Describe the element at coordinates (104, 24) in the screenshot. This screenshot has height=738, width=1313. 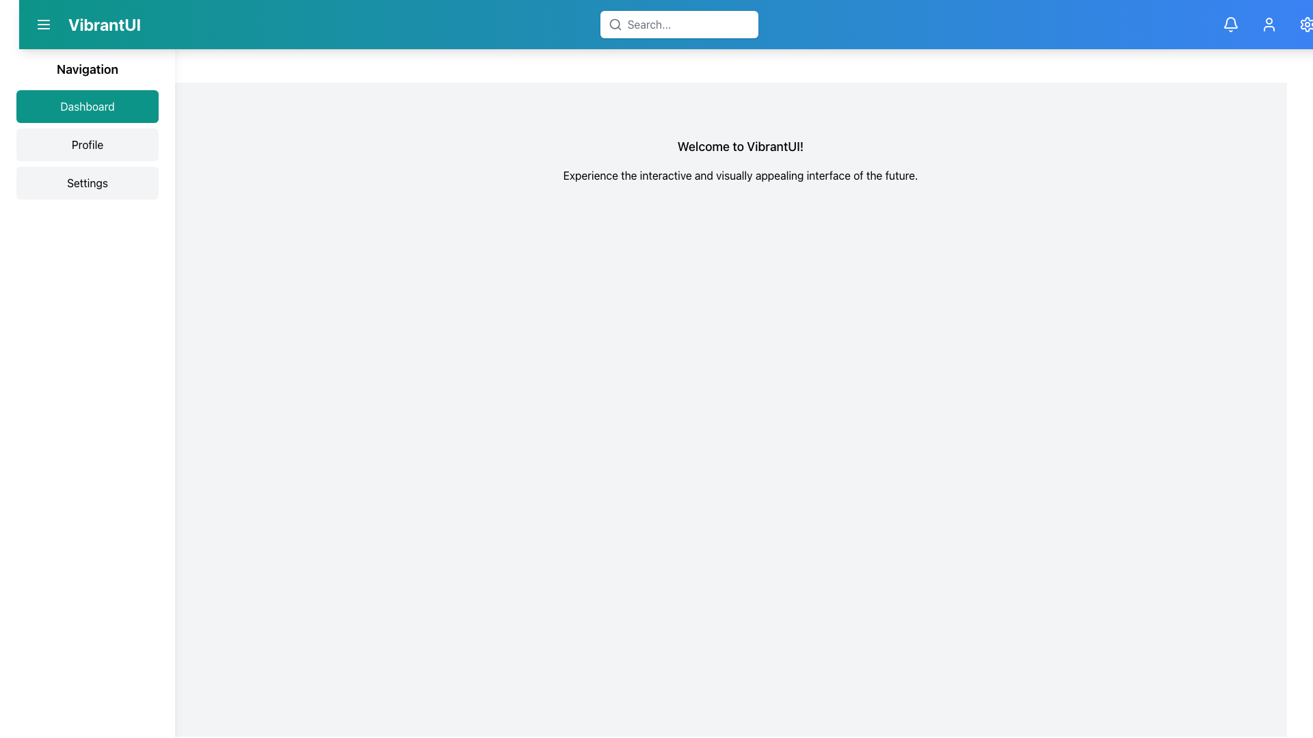
I see `the bold text 'VibrantUI' located in the teal-colored header bar at the top left corner of the interface` at that location.